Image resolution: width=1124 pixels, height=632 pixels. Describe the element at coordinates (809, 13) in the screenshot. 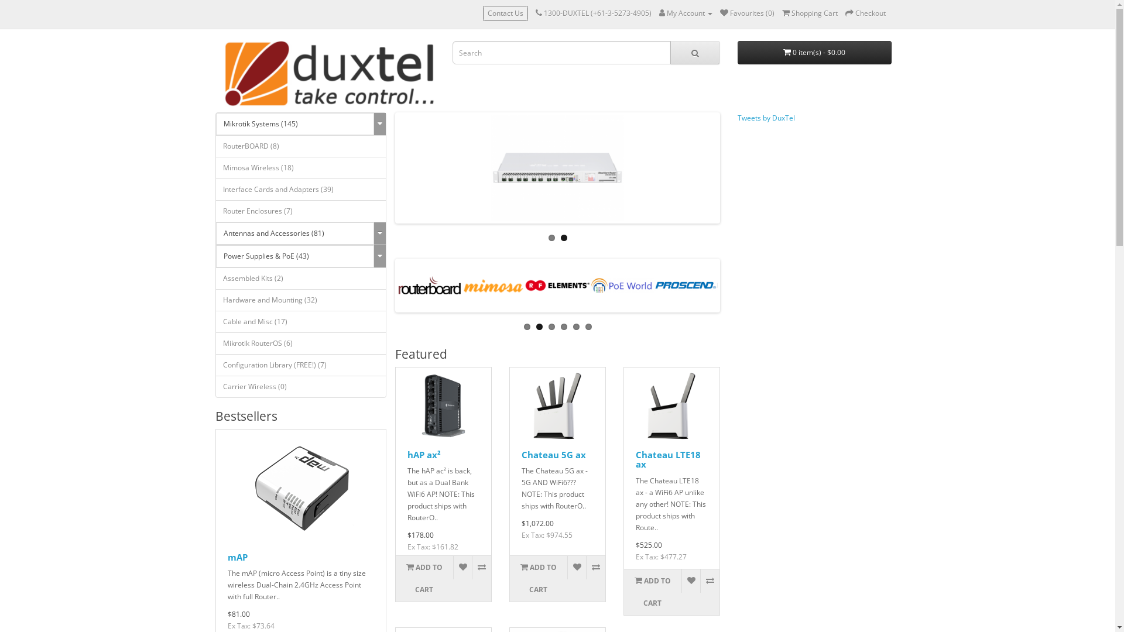

I see `'Shopping Cart'` at that location.